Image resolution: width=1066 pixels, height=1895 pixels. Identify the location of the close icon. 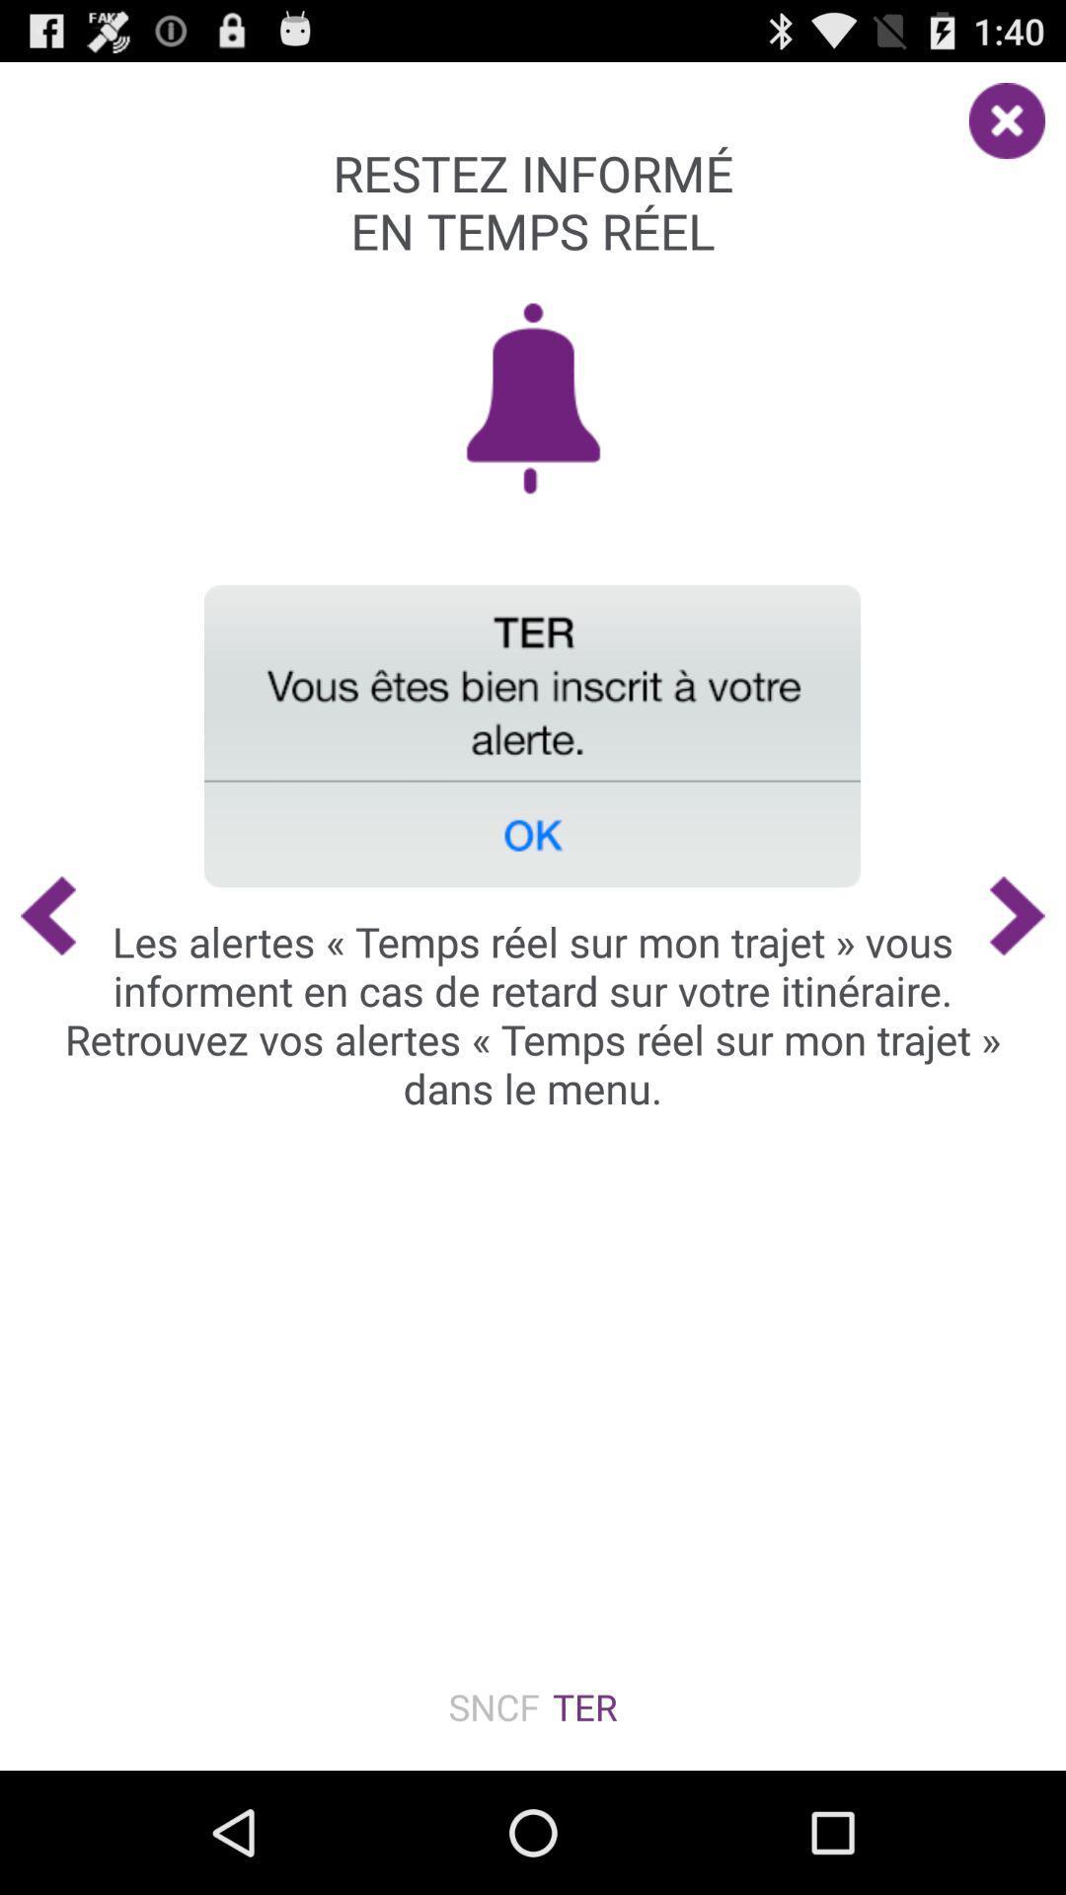
(1017, 117).